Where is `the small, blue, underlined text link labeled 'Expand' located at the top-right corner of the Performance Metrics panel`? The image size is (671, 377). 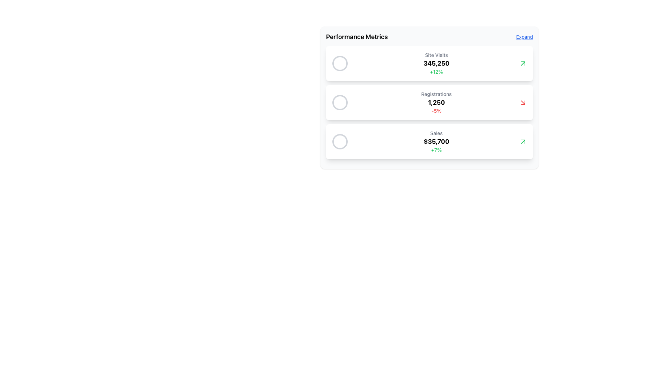 the small, blue, underlined text link labeled 'Expand' located at the top-right corner of the Performance Metrics panel is located at coordinates (525, 37).